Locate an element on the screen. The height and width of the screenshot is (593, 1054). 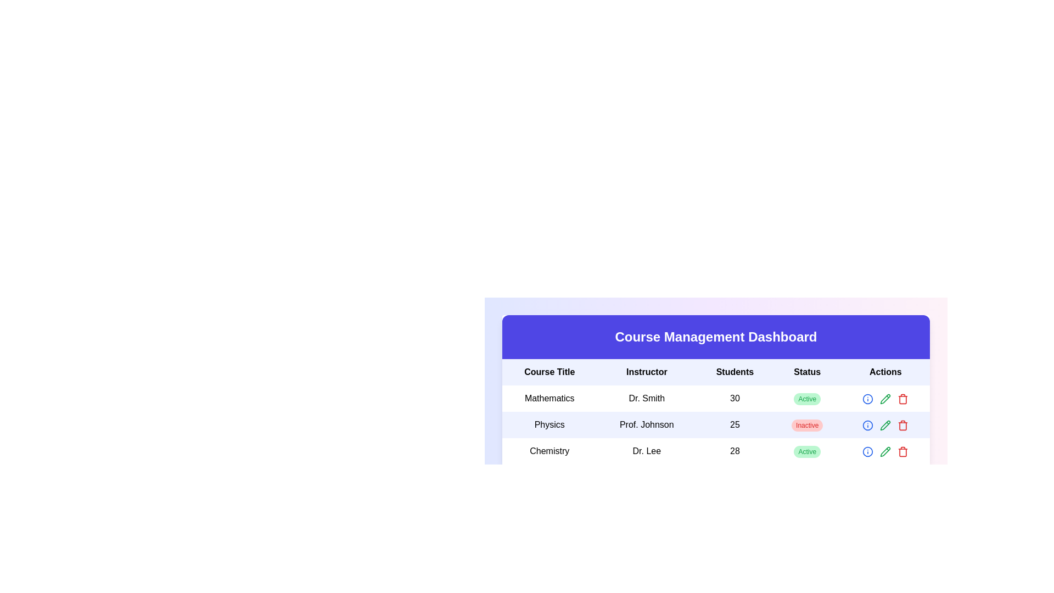
the 'Active' status indicator badge, which is a small rectangular badge with a green background located in the 'Status' column of the first row in a data table is located at coordinates (807, 399).